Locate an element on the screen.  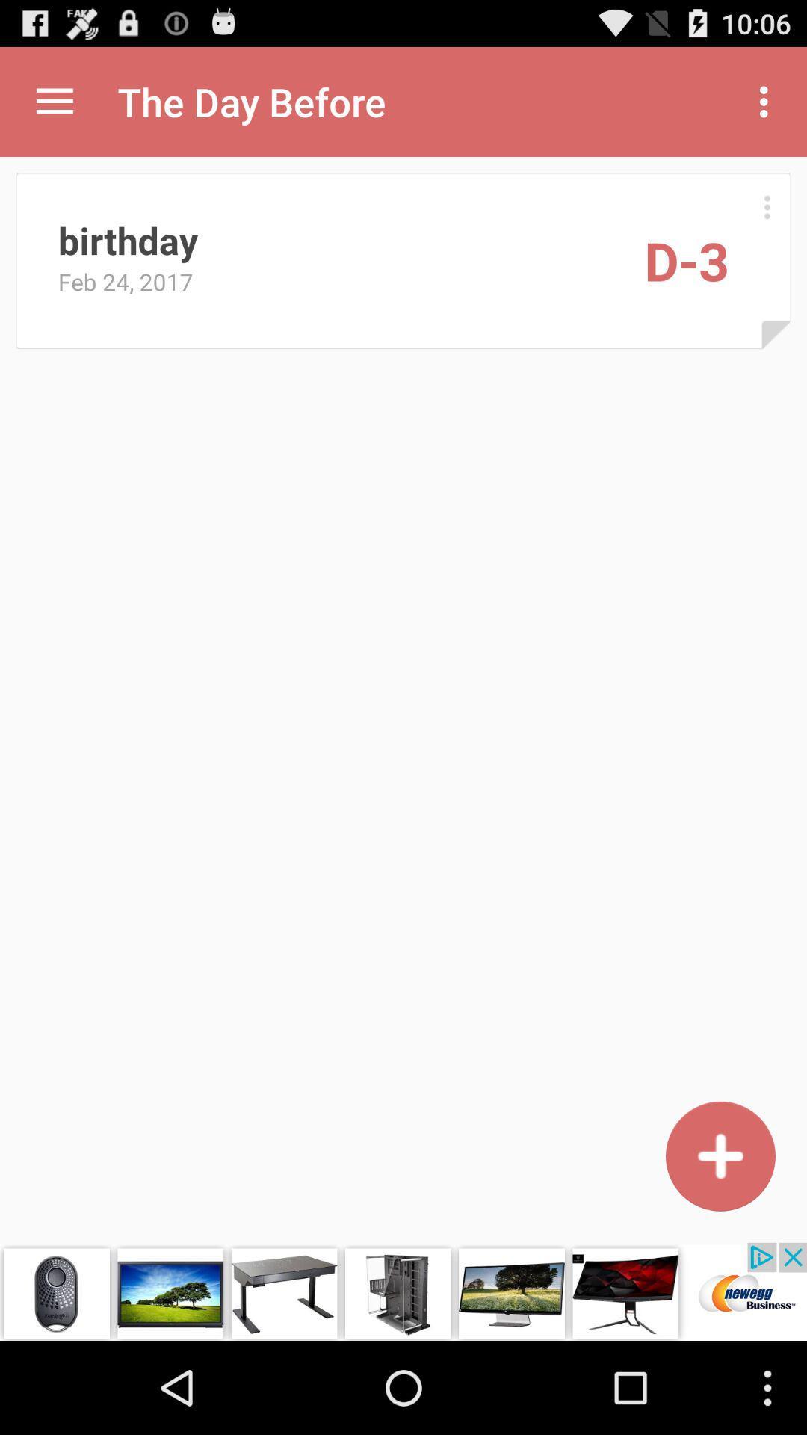
menu is located at coordinates (54, 101).